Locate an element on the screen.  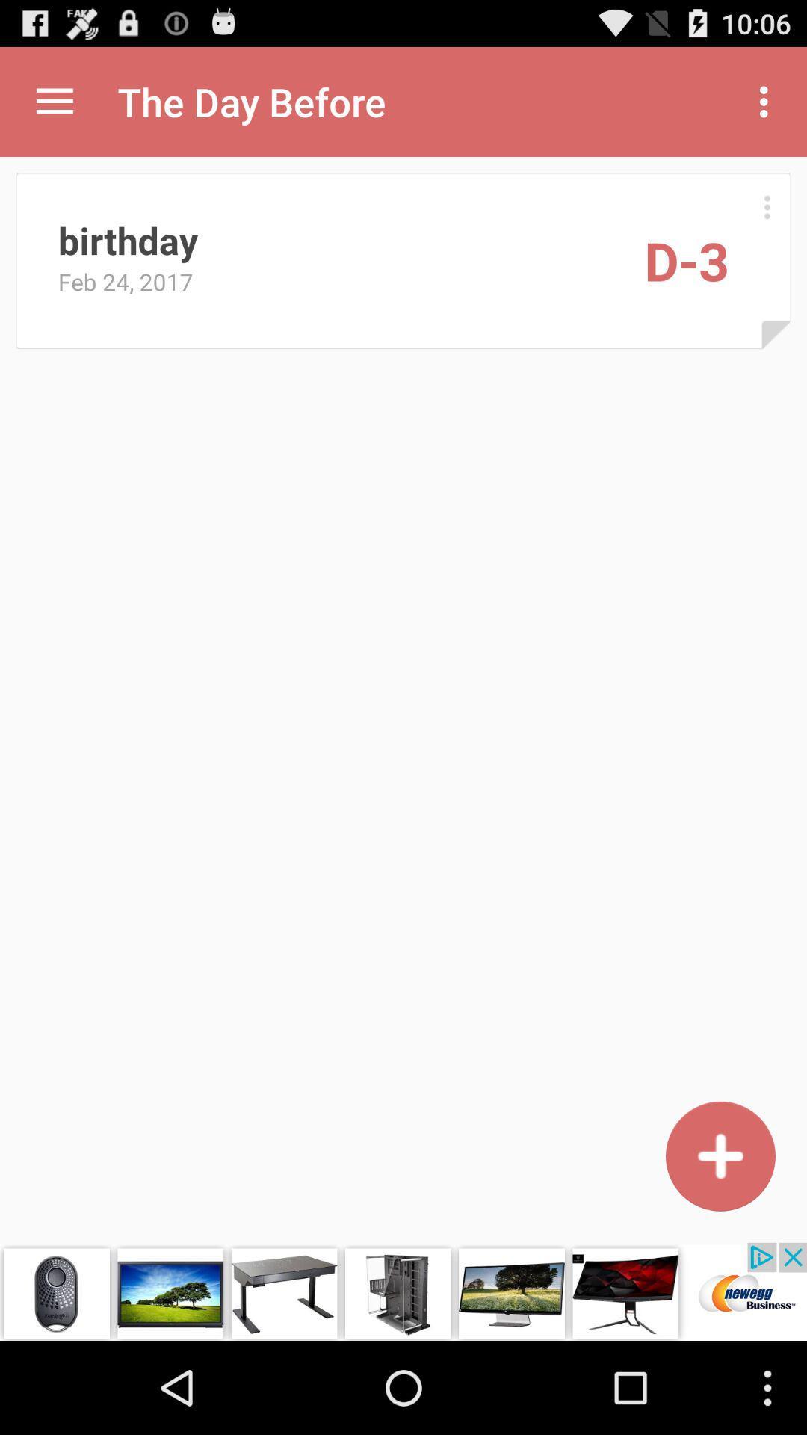
menu is located at coordinates (54, 101).